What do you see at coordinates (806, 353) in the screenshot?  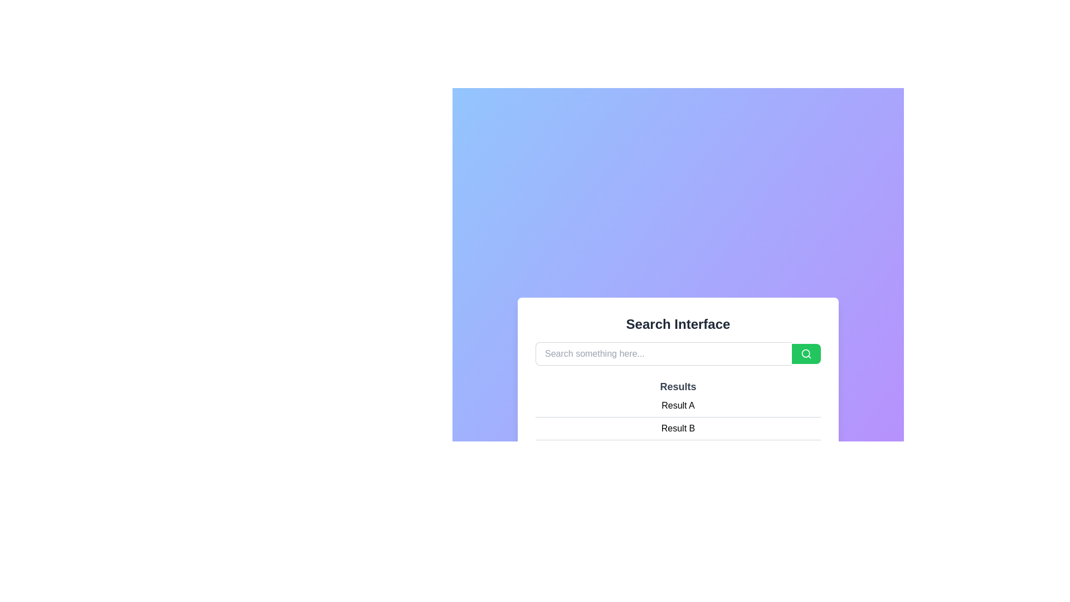 I see `the central circular component of the search icon, which is a minimalistic SVG Circle with a radius of 8 units, located at the right of the input field` at bounding box center [806, 353].